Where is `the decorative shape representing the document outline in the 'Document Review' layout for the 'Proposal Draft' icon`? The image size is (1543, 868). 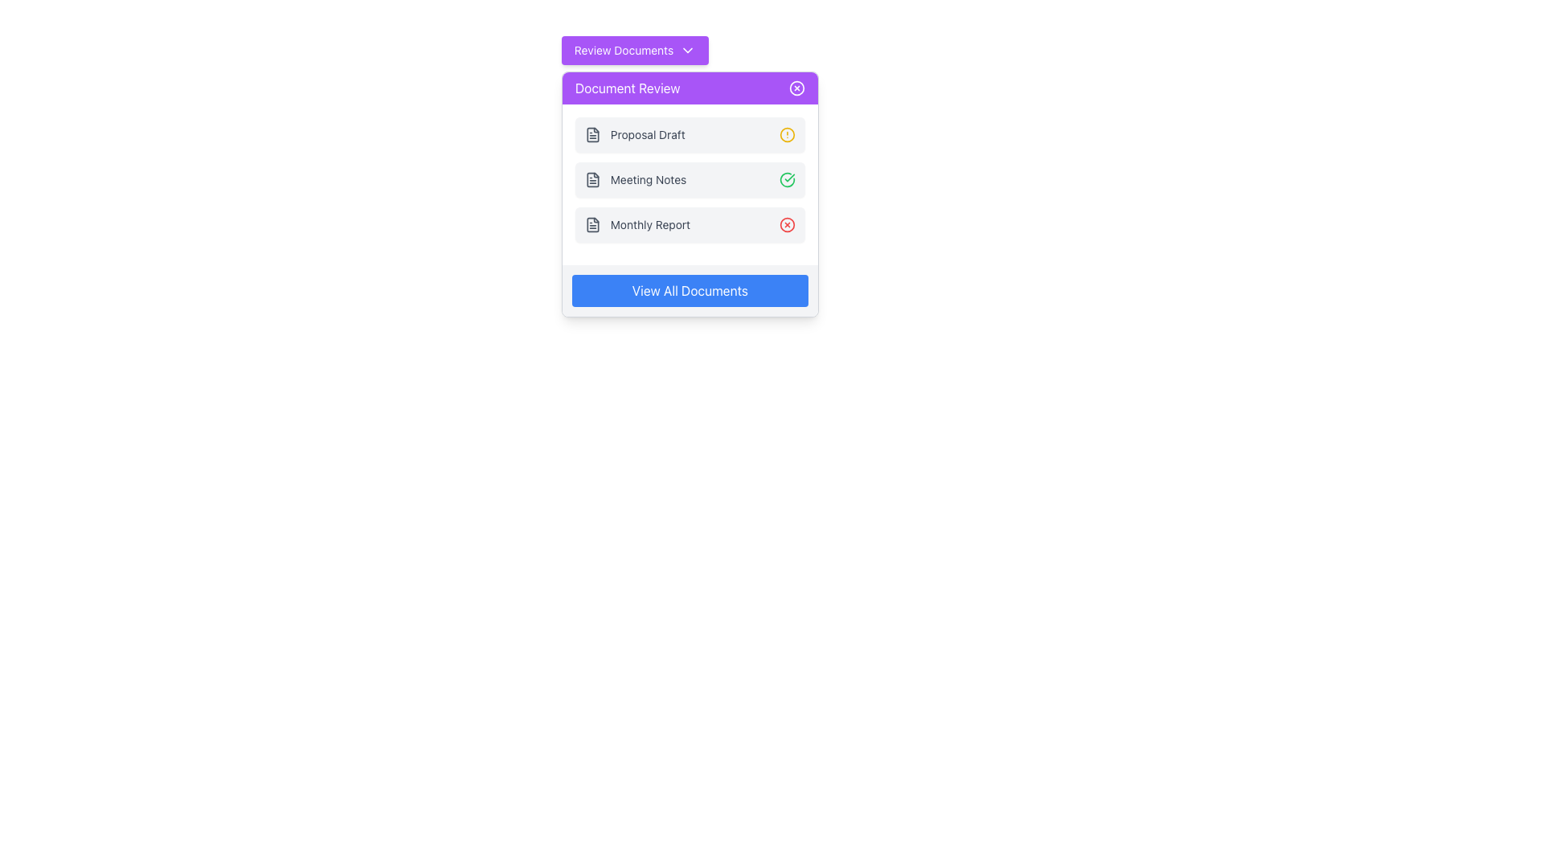
the decorative shape representing the document outline in the 'Document Review' layout for the 'Proposal Draft' icon is located at coordinates (591, 134).